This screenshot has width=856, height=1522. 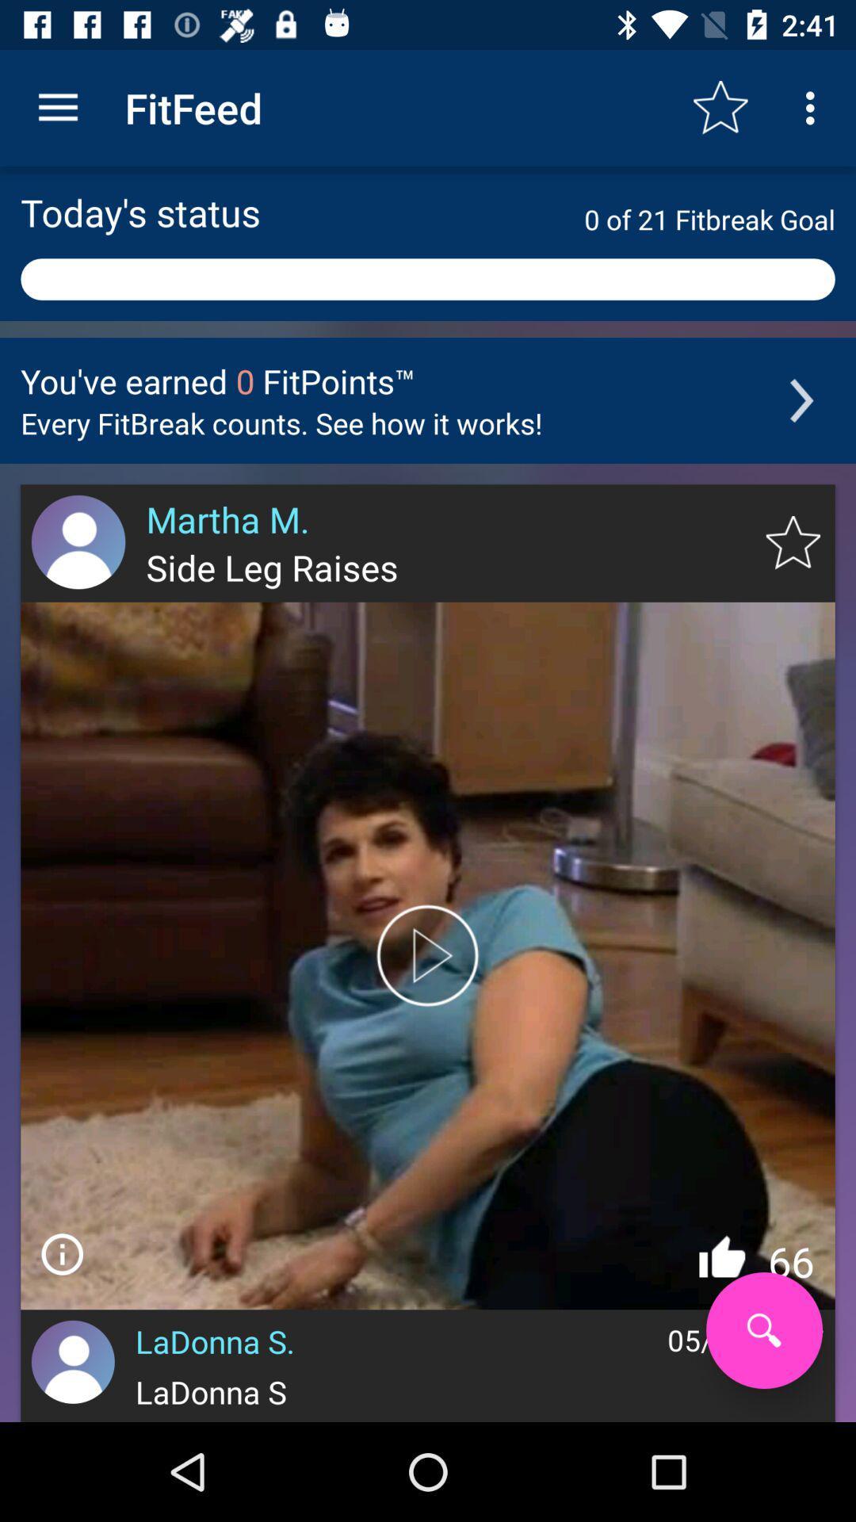 What do you see at coordinates (428, 954) in the screenshot?
I see `color print` at bounding box center [428, 954].